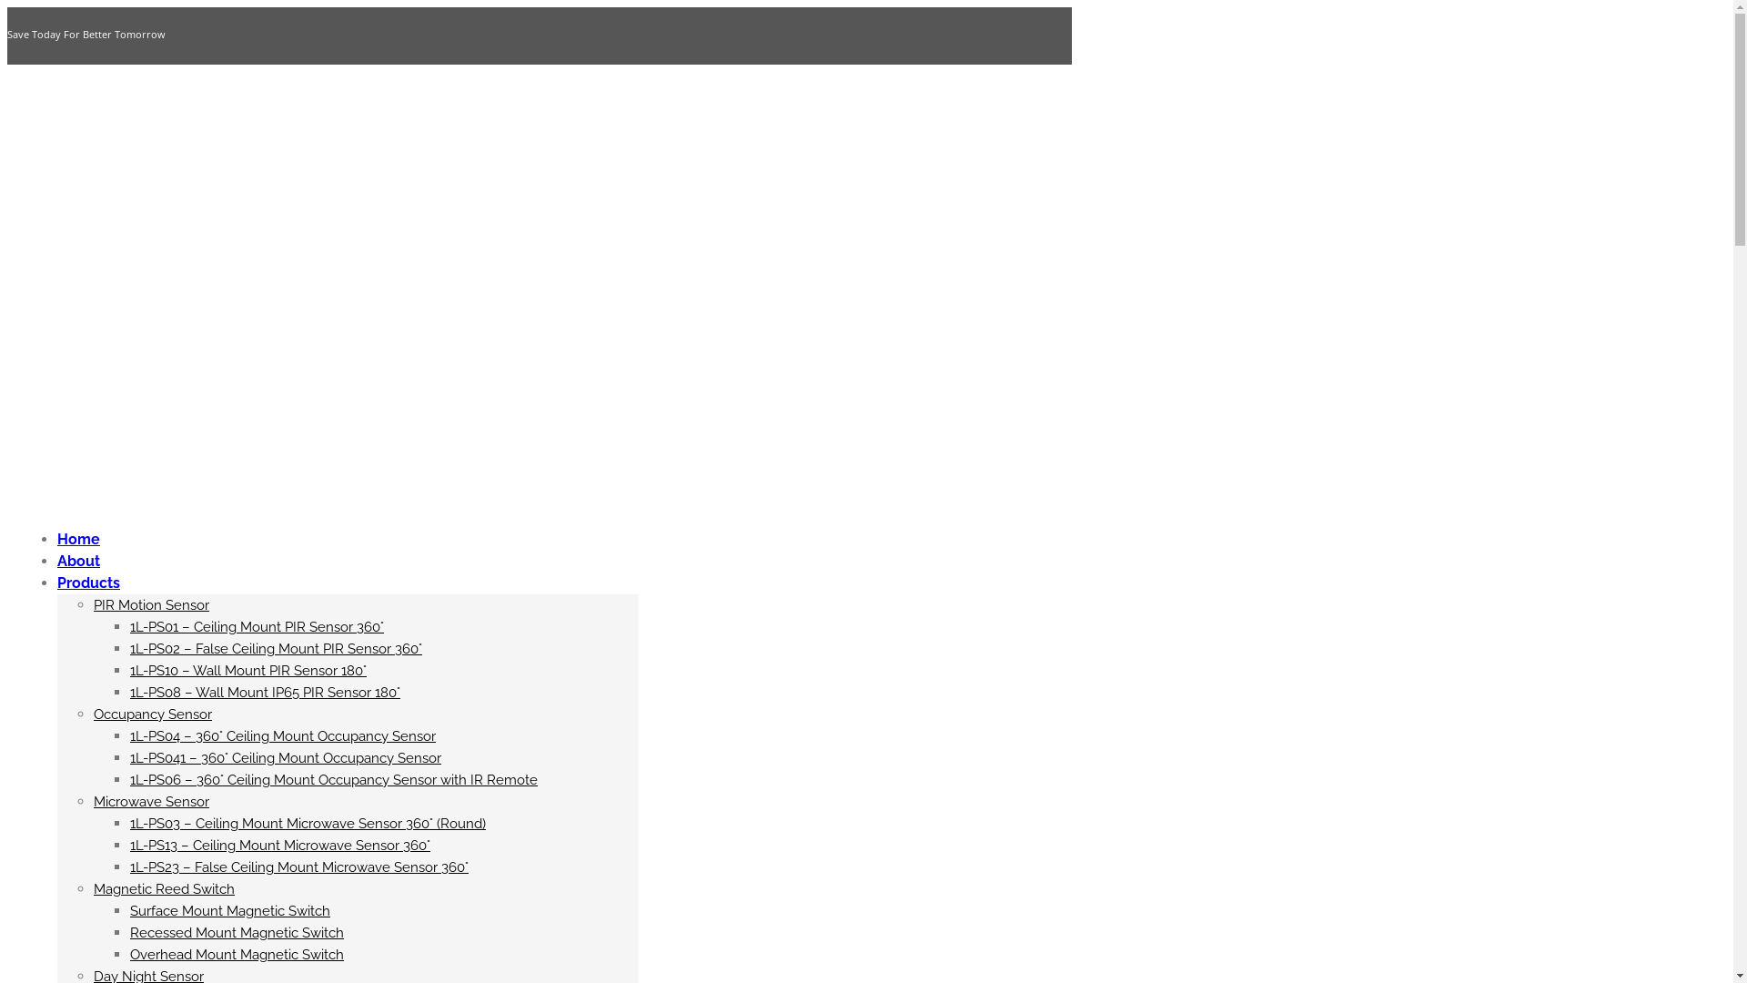 The height and width of the screenshot is (983, 1747). What do you see at coordinates (92, 714) in the screenshot?
I see `'Occupancy Sensor'` at bounding box center [92, 714].